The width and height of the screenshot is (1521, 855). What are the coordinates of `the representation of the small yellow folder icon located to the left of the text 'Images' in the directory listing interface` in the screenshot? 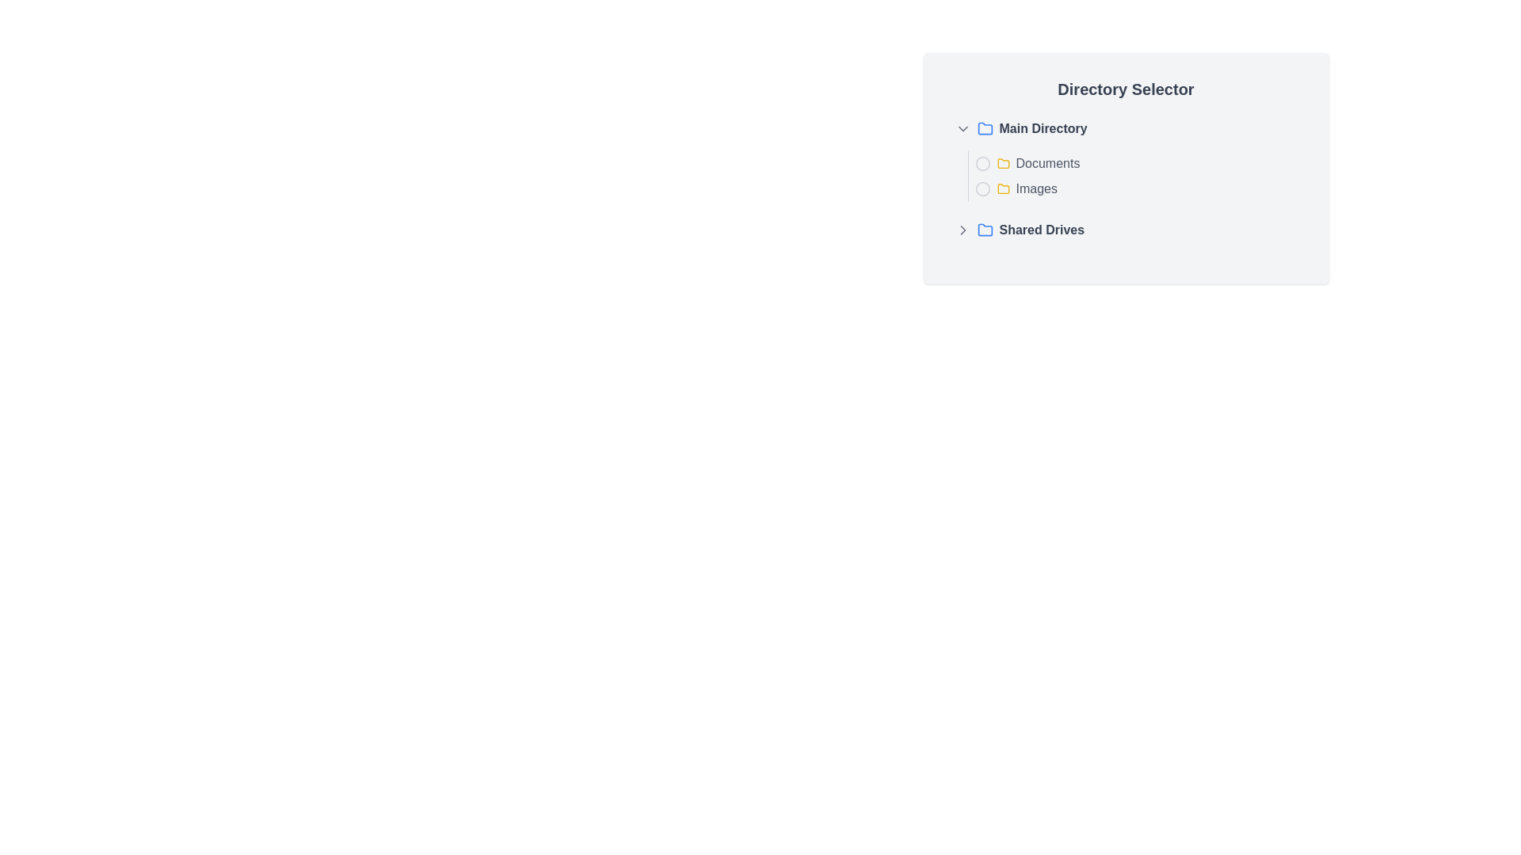 It's located at (1002, 188).